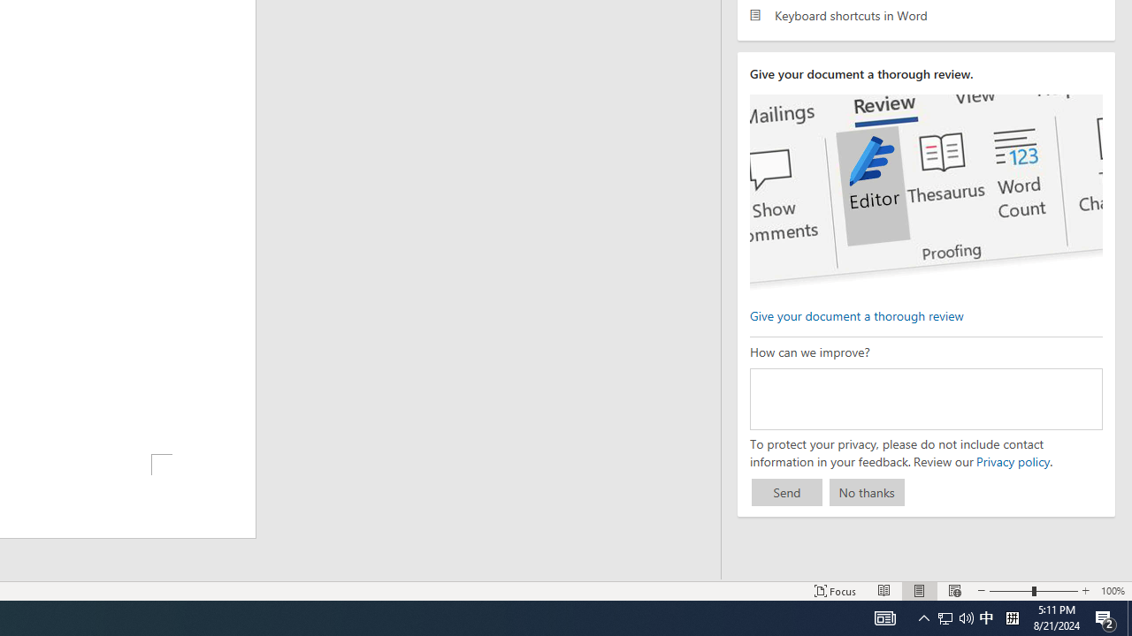  I want to click on 'Focus ', so click(834, 591).